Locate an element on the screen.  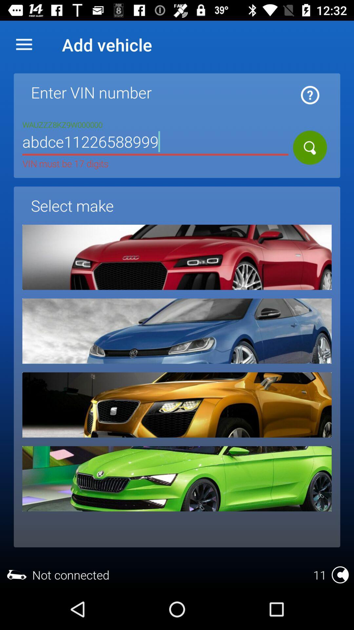
icon next to add vehicle is located at coordinates (24, 44).